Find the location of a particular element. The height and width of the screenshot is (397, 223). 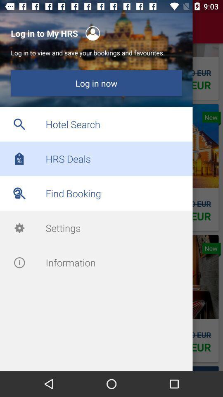

tap on the setting icon is located at coordinates (19, 228).